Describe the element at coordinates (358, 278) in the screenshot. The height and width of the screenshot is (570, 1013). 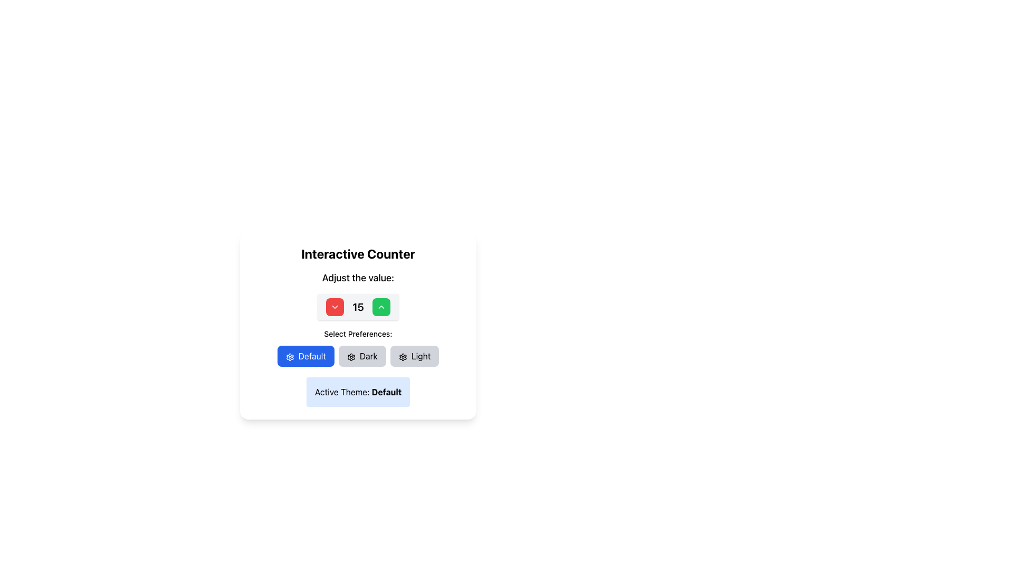
I see `the prominent text label displaying 'Adjust the value:' that is located at the center-top of its containing panel` at that location.